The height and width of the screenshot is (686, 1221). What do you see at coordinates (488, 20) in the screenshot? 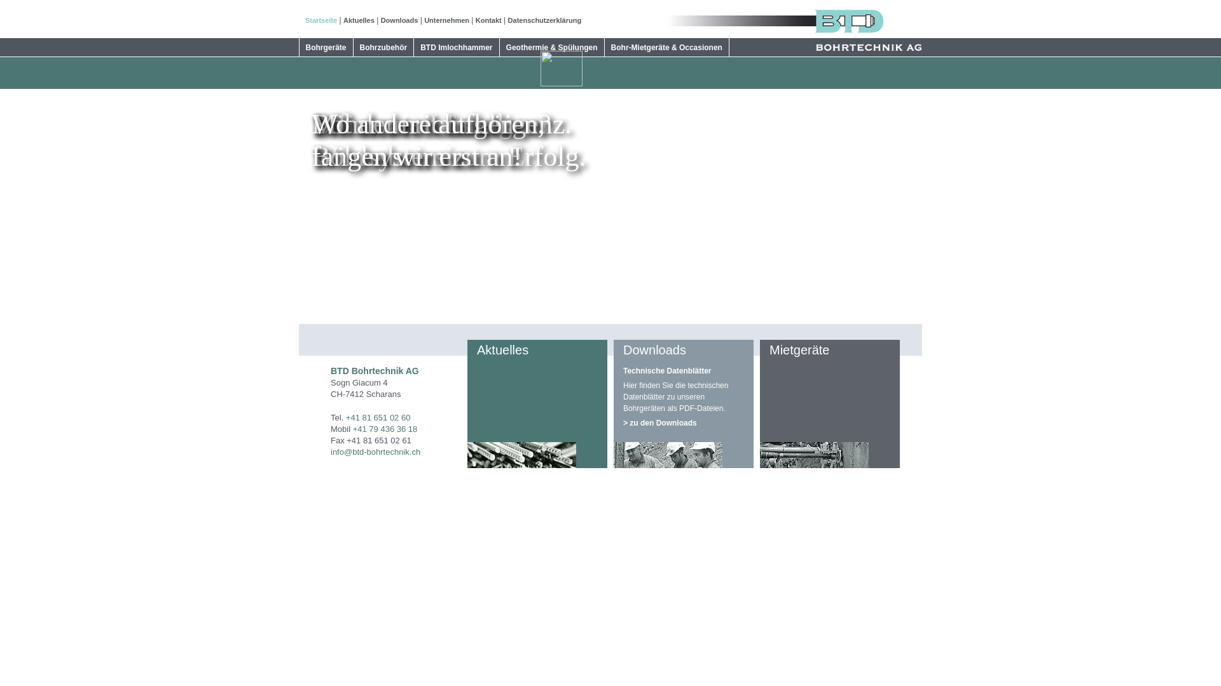
I see `'Kontakt'` at bounding box center [488, 20].